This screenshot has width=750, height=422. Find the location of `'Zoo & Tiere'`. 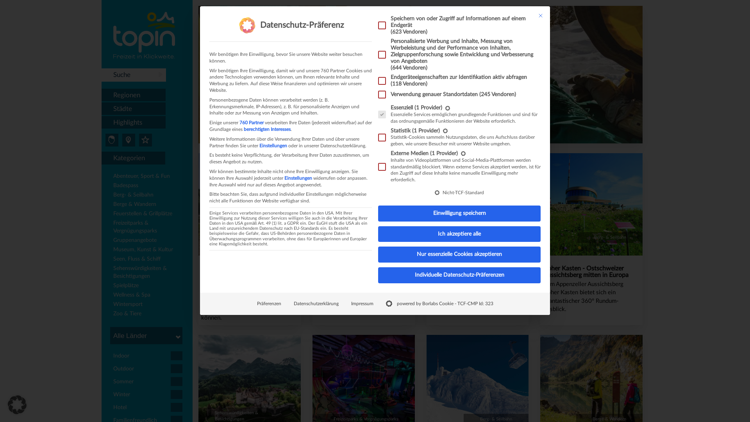

'Zoo & Tiere' is located at coordinates (112, 314).